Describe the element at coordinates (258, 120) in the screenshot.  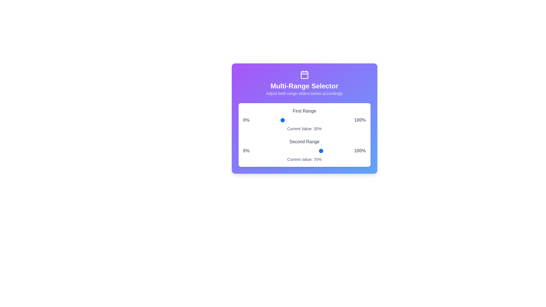
I see `the first range slider value` at that location.